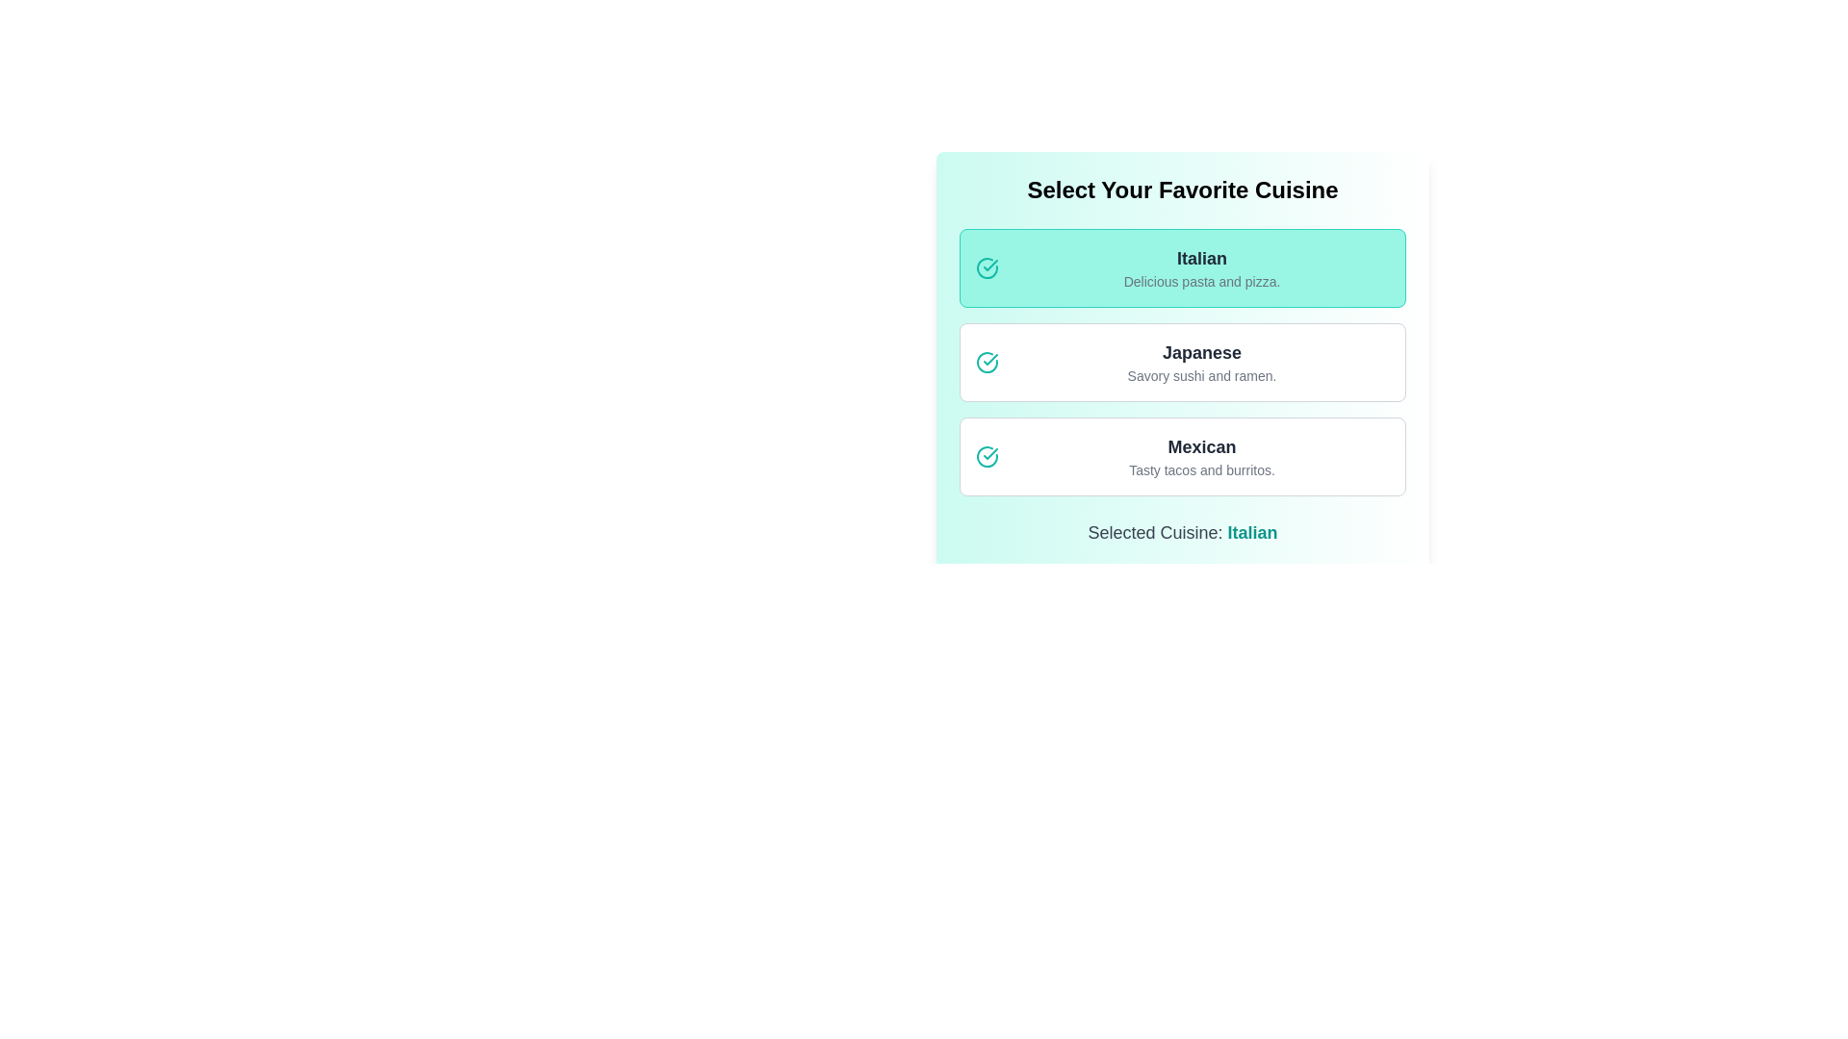 This screenshot has width=1848, height=1039. Describe the element at coordinates (988, 363) in the screenshot. I see `the selection icon for the 'Japanese' list item, which indicates that this option is currently active` at that location.